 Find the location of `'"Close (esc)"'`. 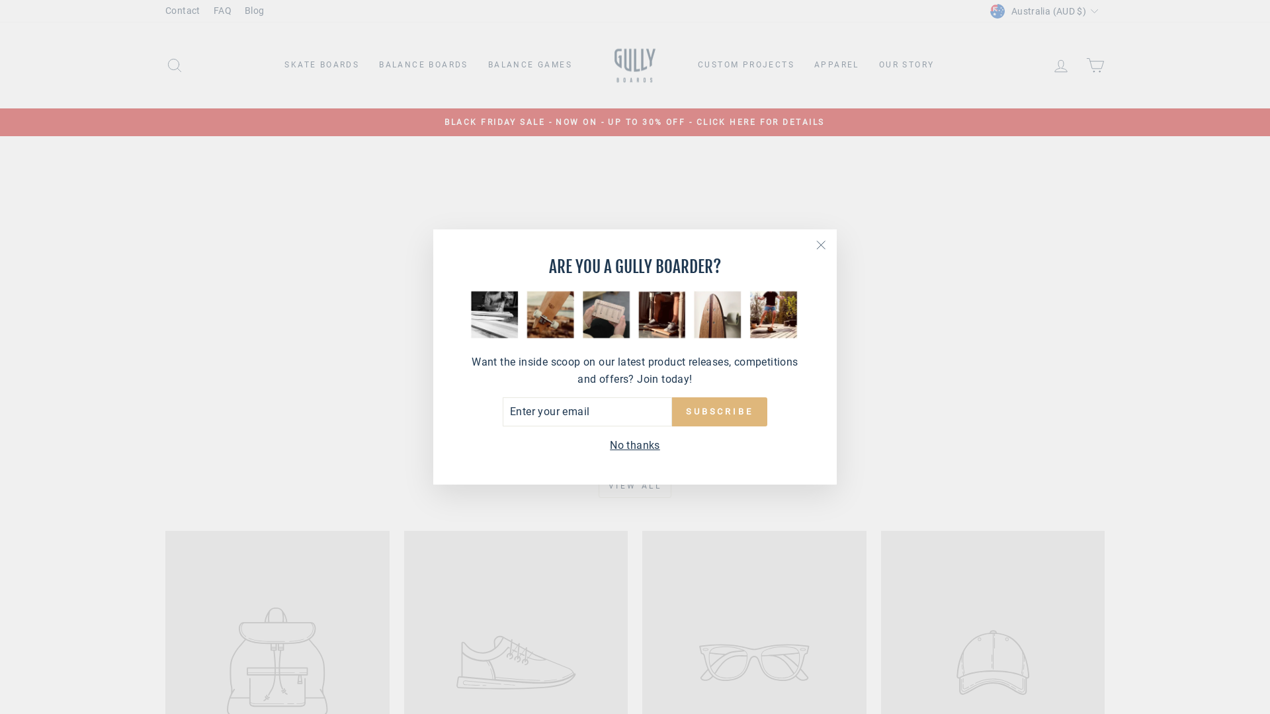

'"Close (esc)"' is located at coordinates (804, 245).